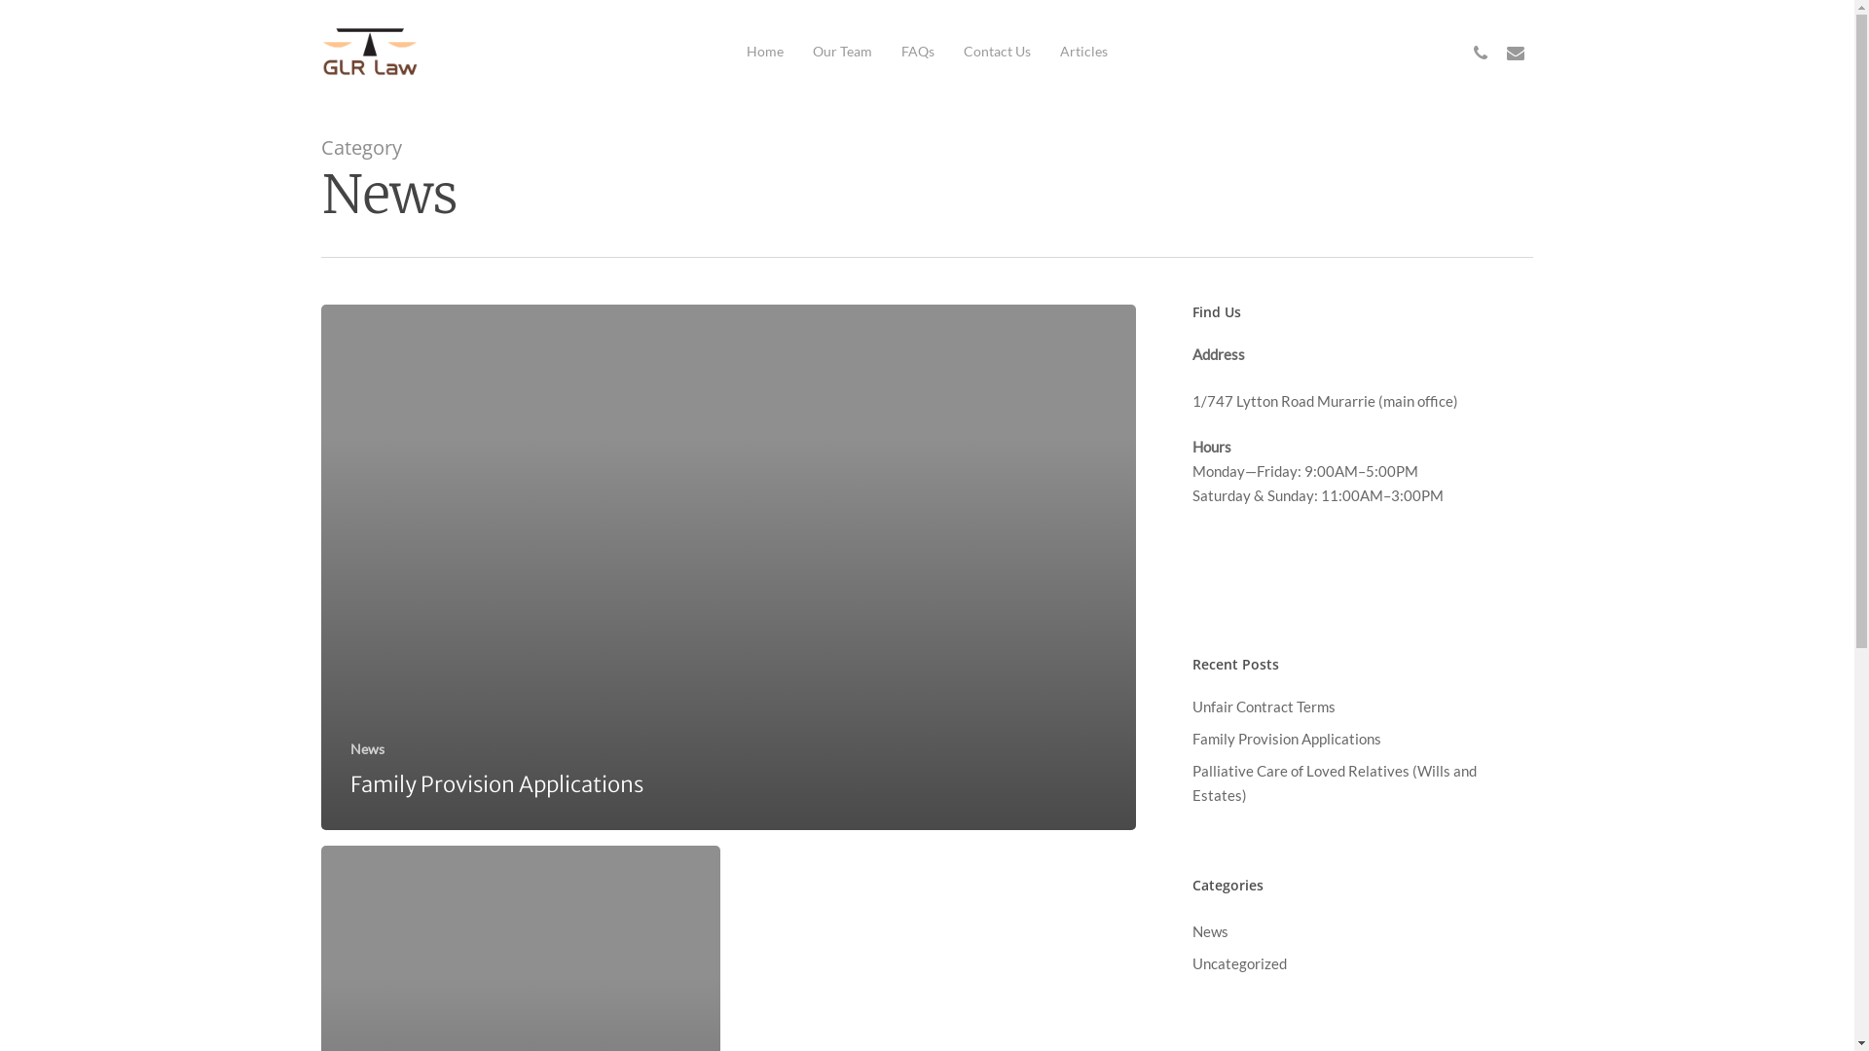  I want to click on 'Home', so click(764, 51).